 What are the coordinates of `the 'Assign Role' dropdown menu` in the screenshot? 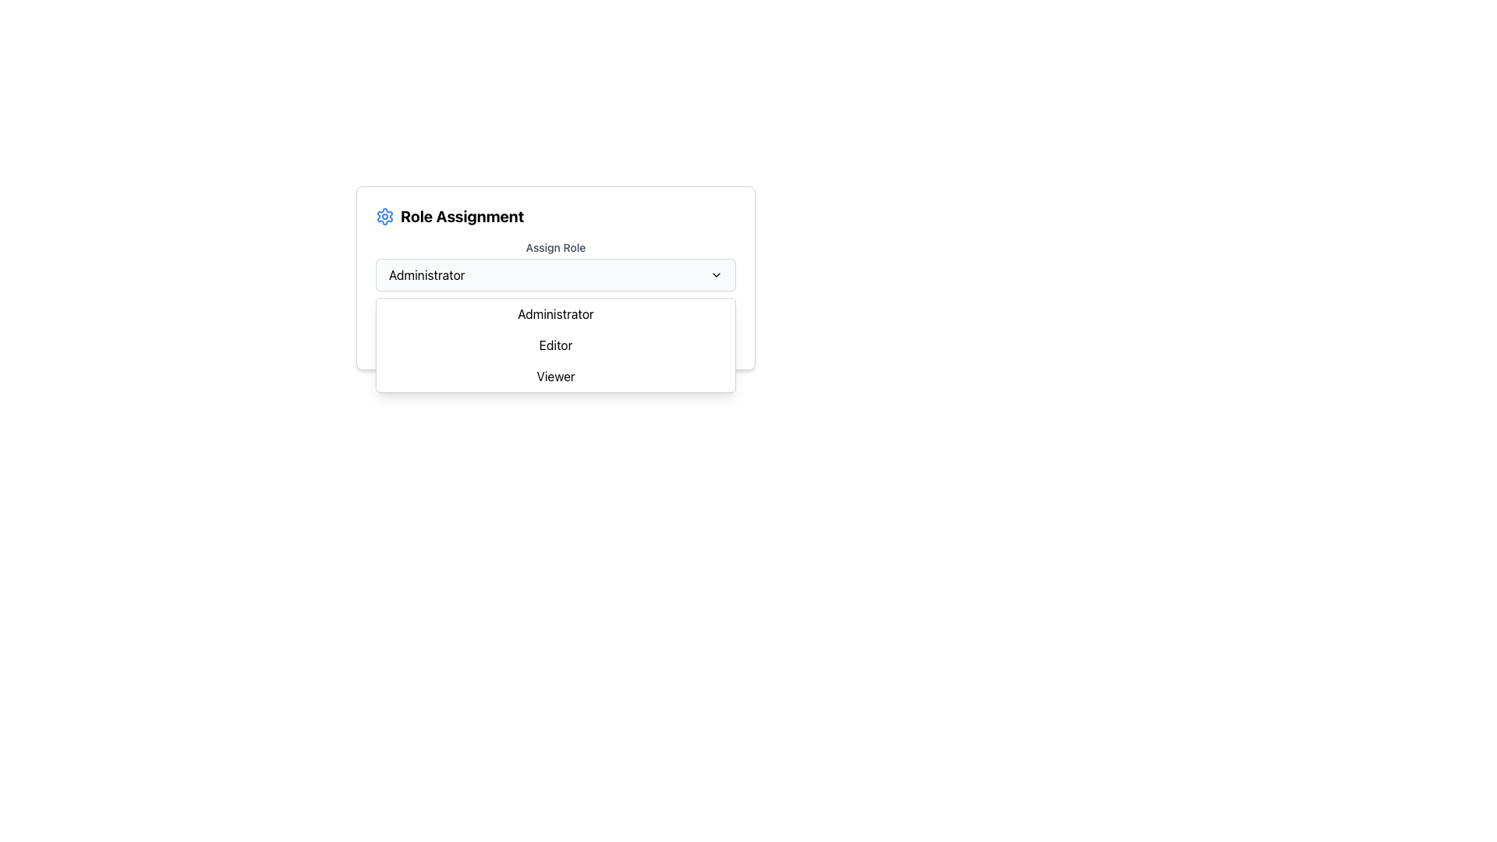 It's located at (556, 264).